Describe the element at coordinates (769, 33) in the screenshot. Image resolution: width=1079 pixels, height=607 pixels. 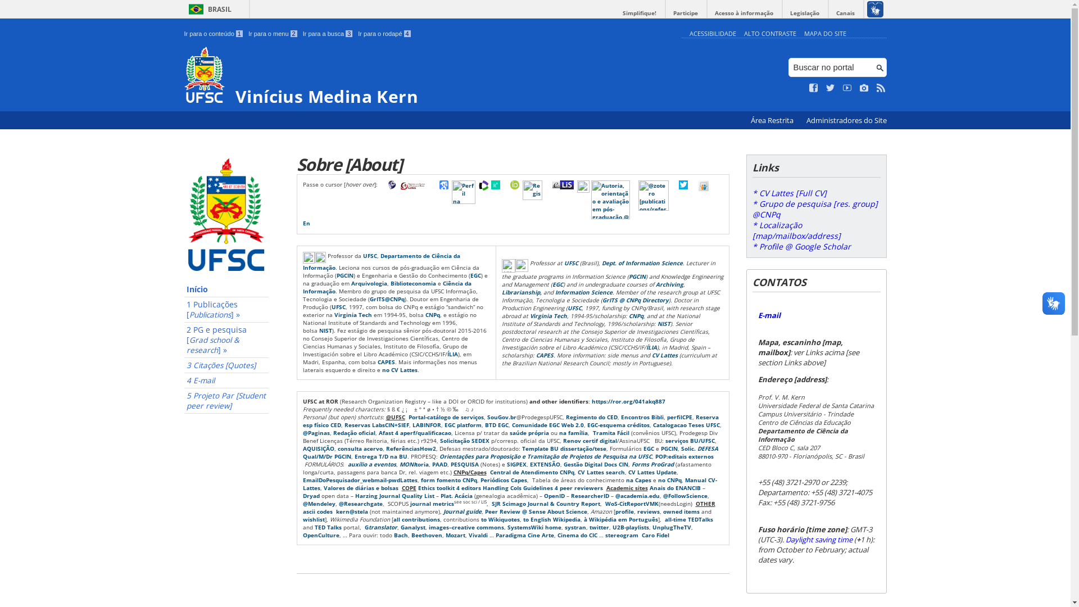
I see `'ALTO CONTRASTE'` at that location.